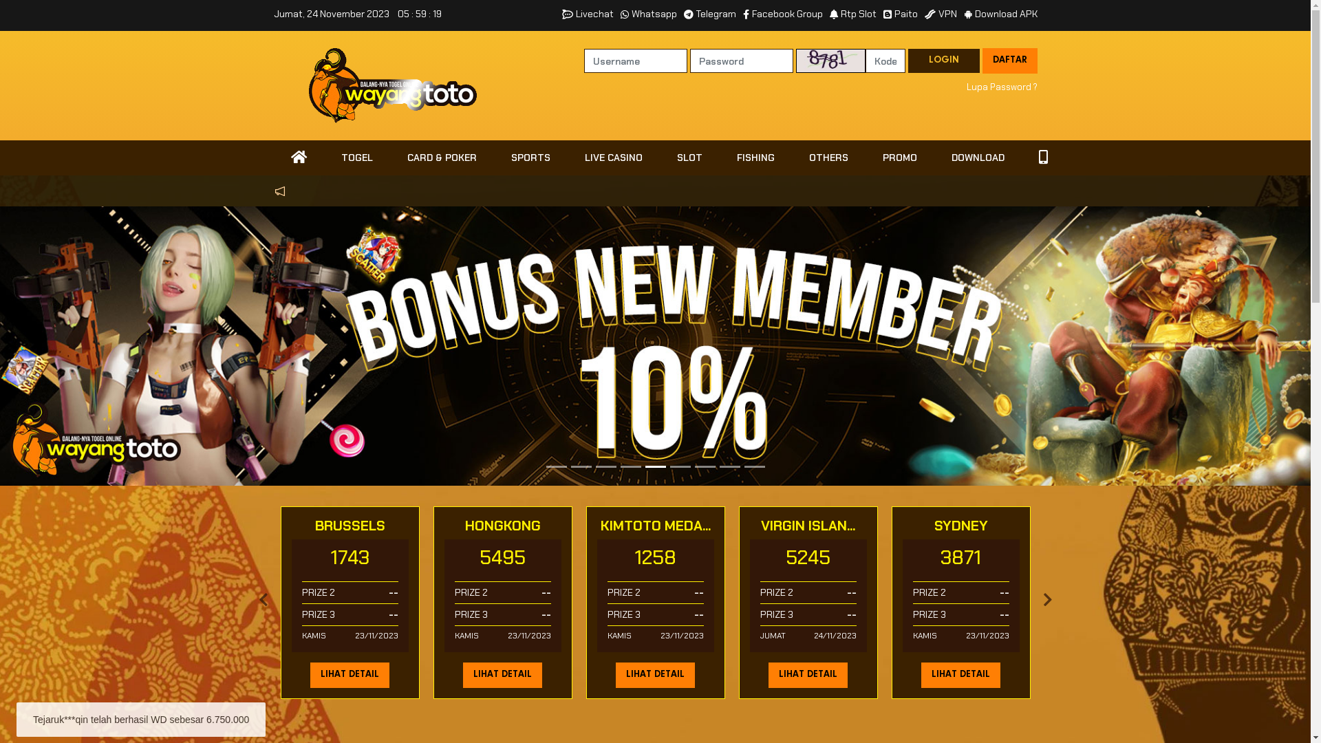 The height and width of the screenshot is (743, 1321). I want to click on 'Download APK', so click(1000, 14).